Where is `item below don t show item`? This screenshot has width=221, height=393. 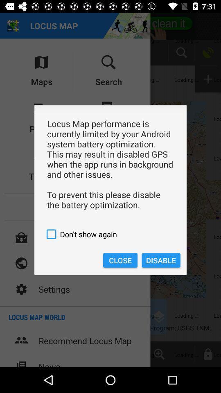
item below don t show item is located at coordinates (161, 260).